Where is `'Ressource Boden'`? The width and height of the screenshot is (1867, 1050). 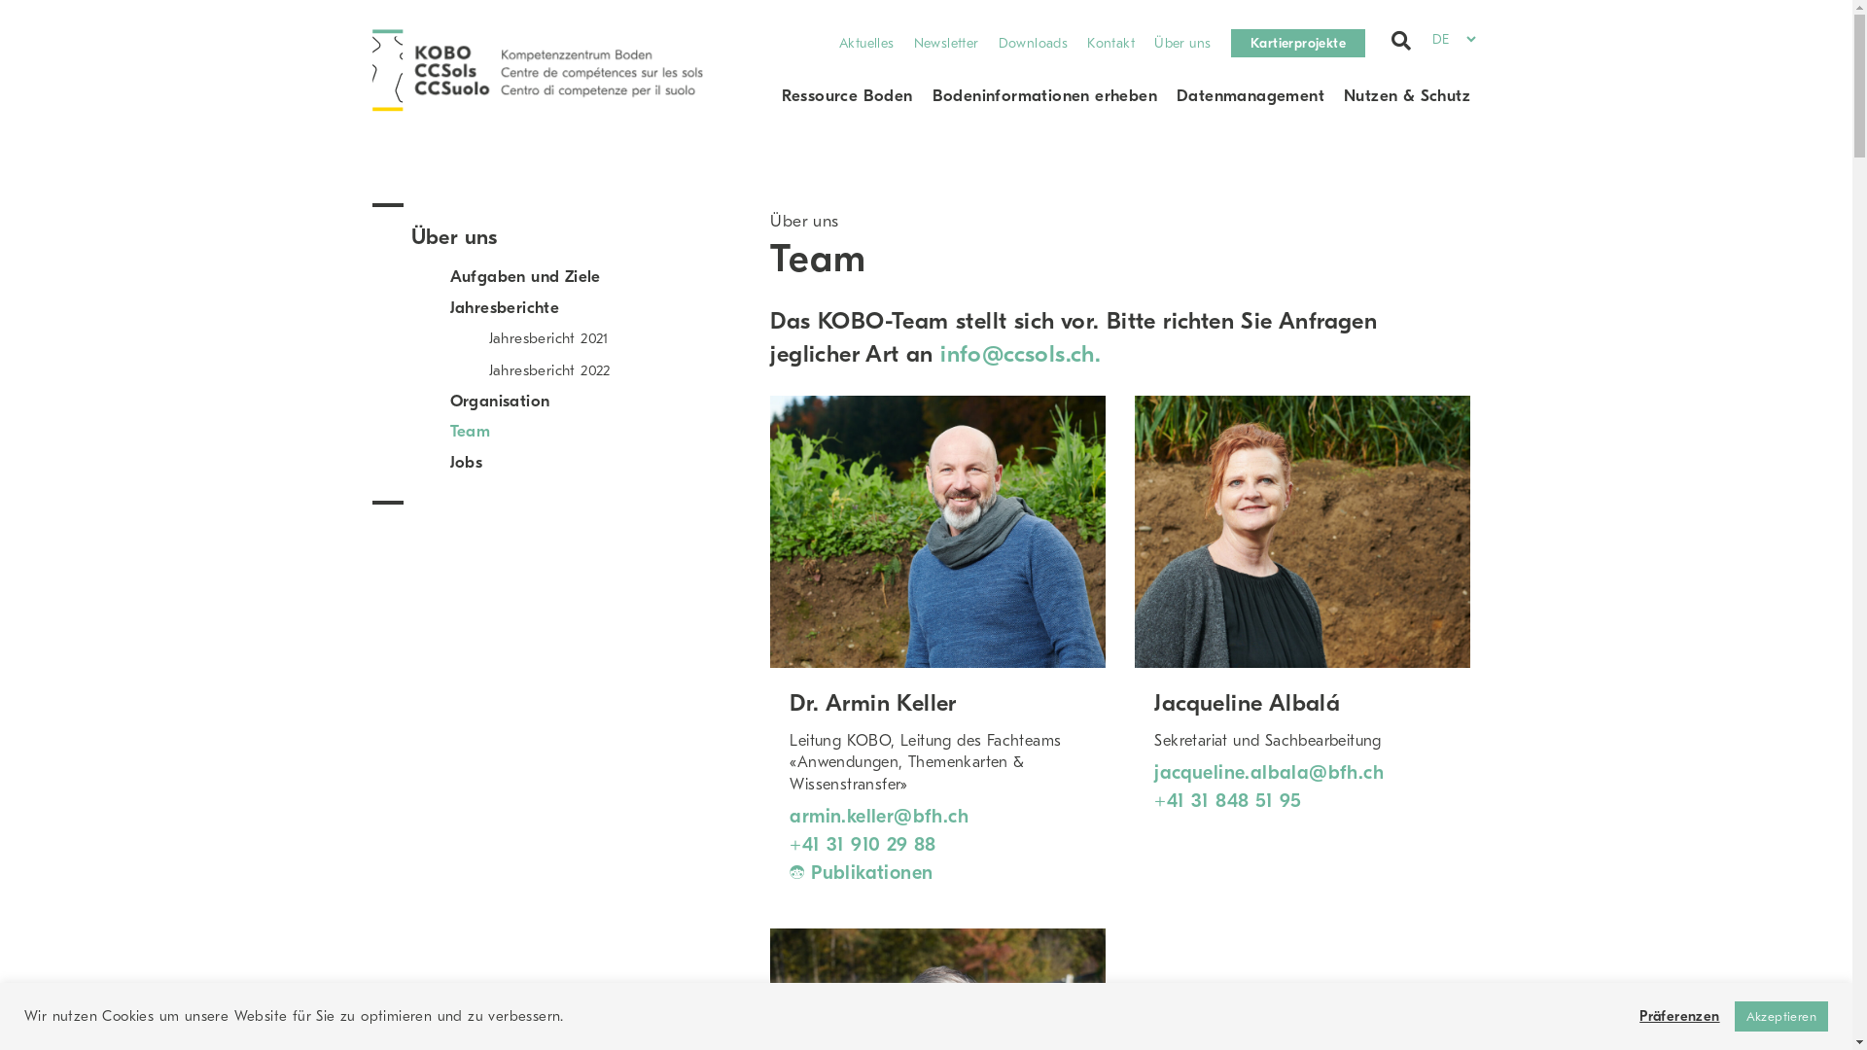 'Ressource Boden' is located at coordinates (847, 96).